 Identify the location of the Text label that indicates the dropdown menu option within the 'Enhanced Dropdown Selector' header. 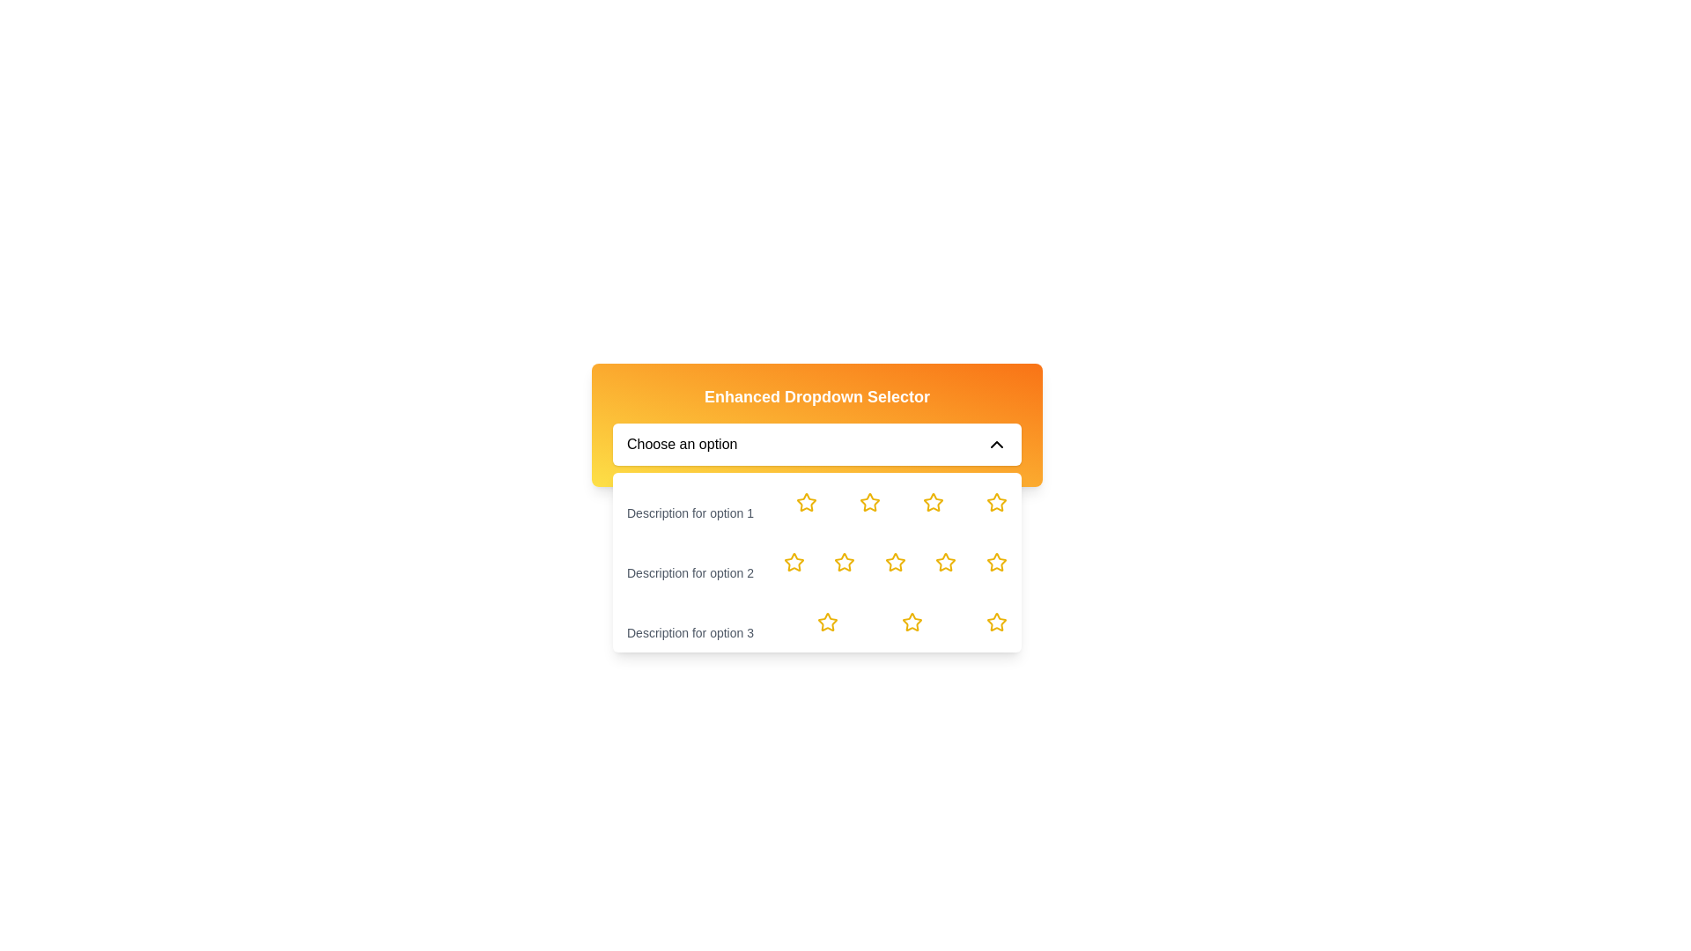
(681, 444).